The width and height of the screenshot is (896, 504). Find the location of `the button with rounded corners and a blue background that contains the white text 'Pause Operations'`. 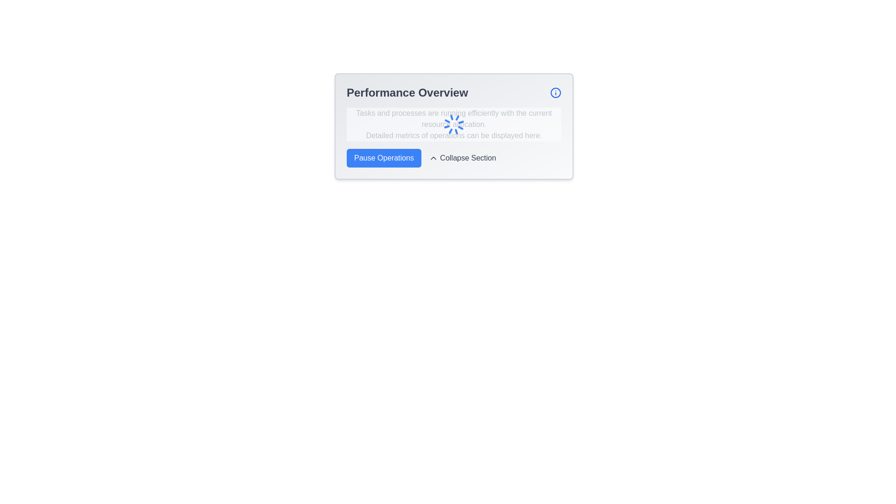

the button with rounded corners and a blue background that contains the white text 'Pause Operations' is located at coordinates (384, 158).